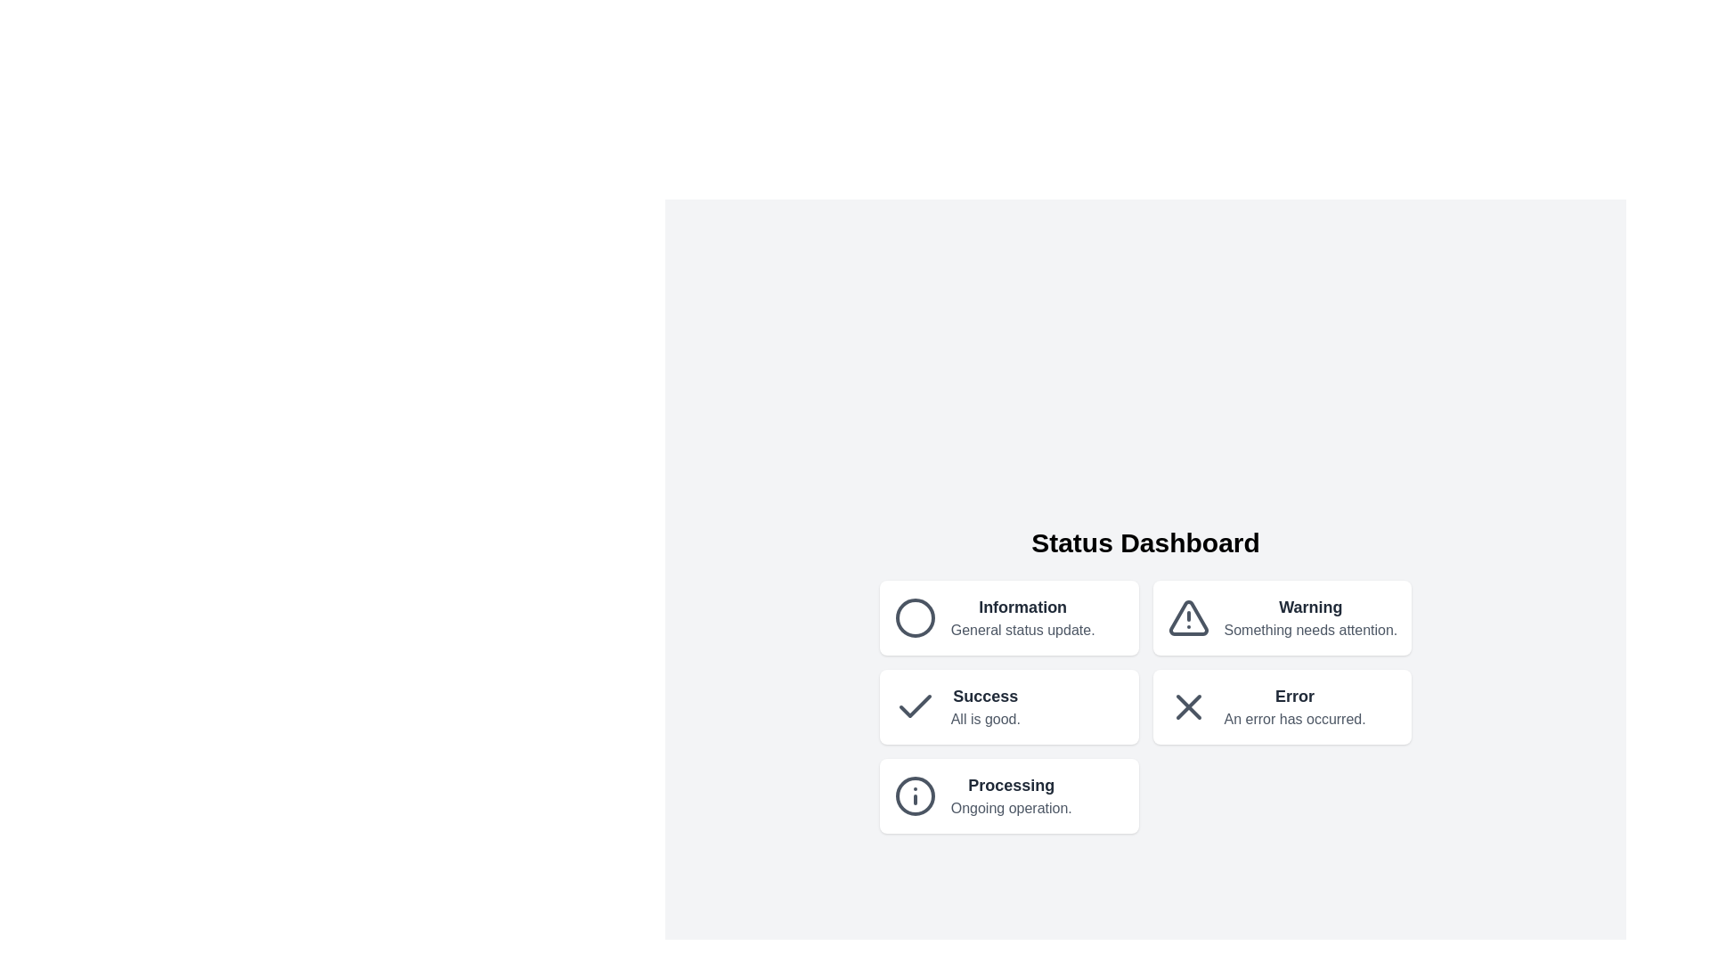 The height and width of the screenshot is (962, 1710). What do you see at coordinates (1145, 542) in the screenshot?
I see `the large, bold text label reading 'Status Dashboard', which is prominently displayed in black on a light gray background, serving as the section title above the status items grid` at bounding box center [1145, 542].